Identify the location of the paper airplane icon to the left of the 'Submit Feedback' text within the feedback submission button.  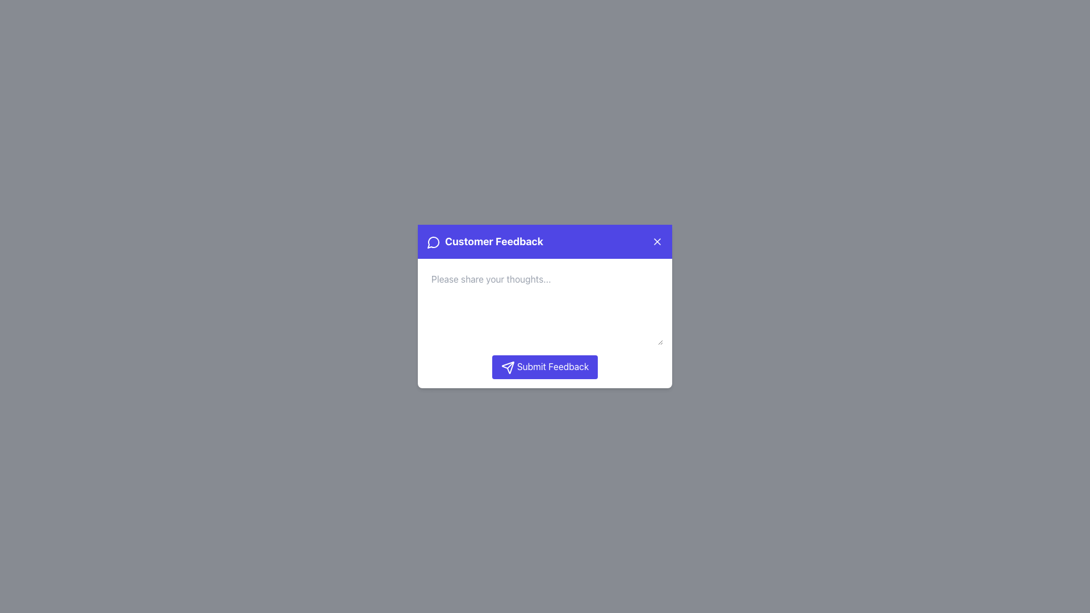
(507, 367).